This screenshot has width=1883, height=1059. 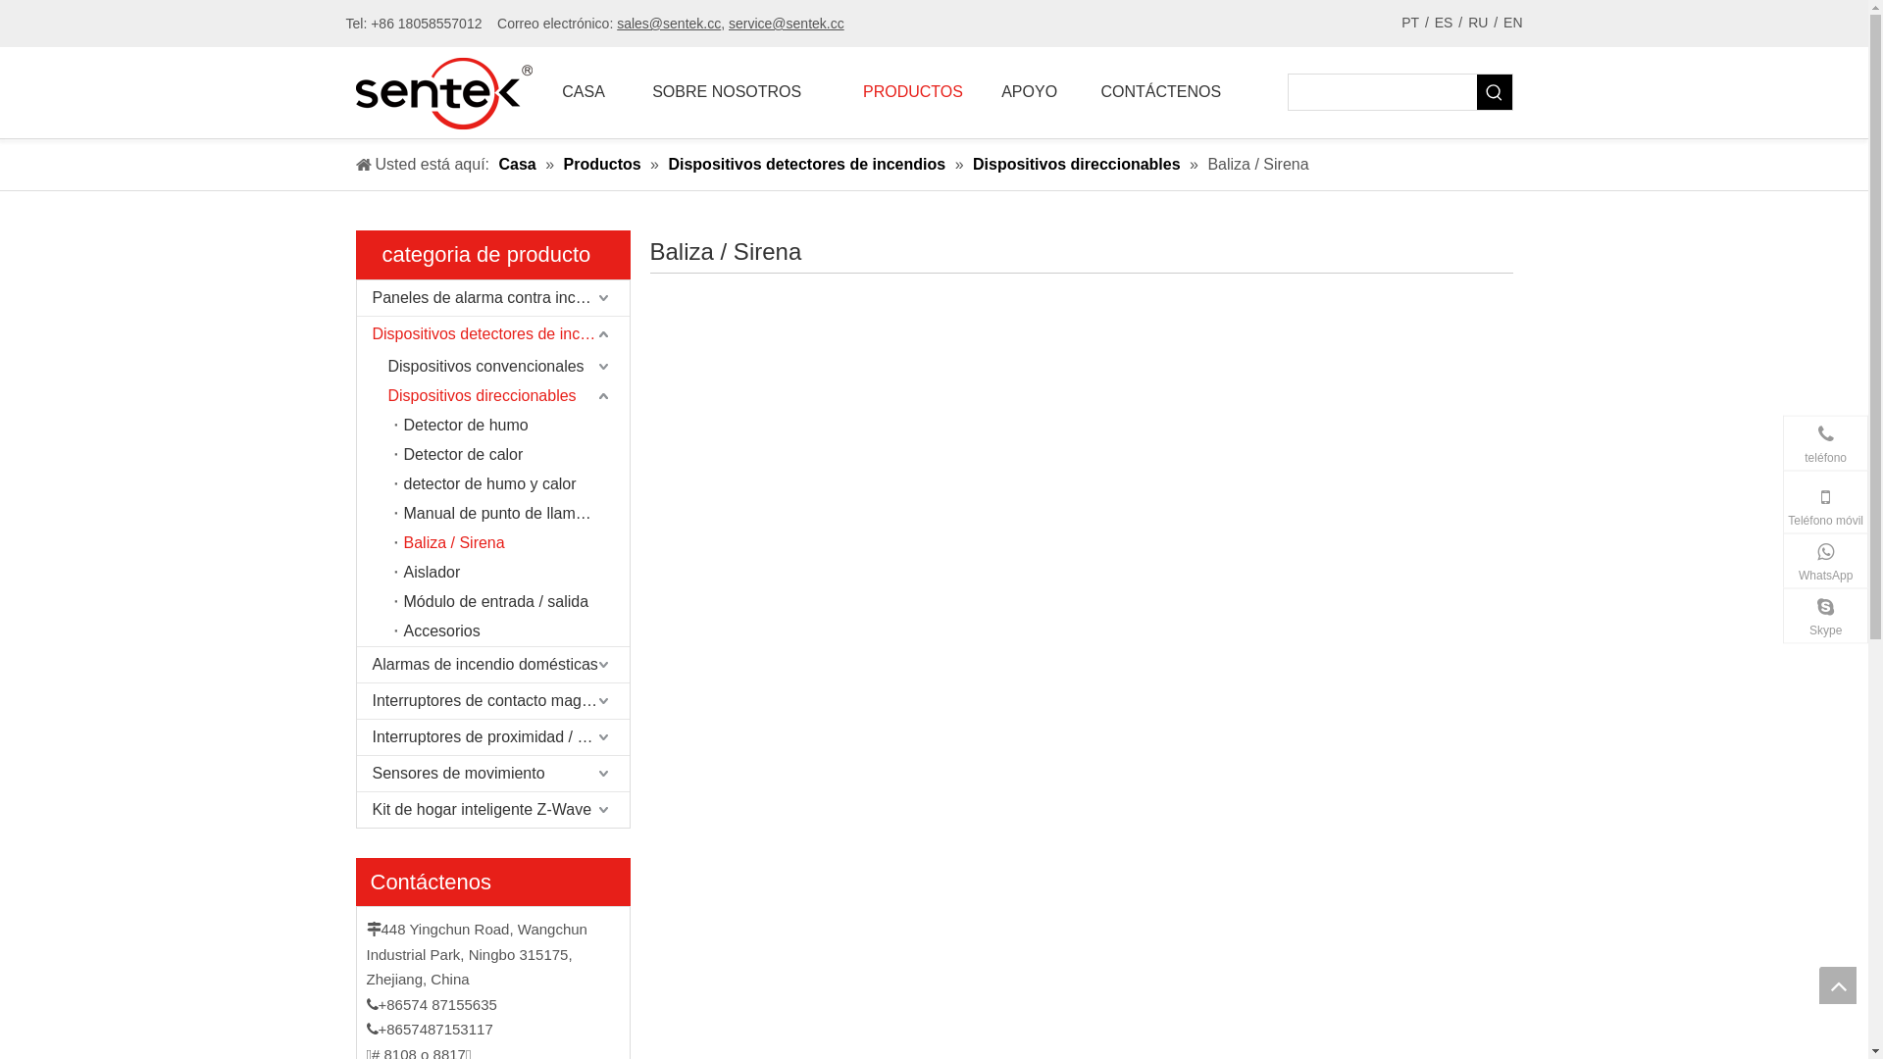 What do you see at coordinates (512, 631) in the screenshot?
I see `'Accesorios'` at bounding box center [512, 631].